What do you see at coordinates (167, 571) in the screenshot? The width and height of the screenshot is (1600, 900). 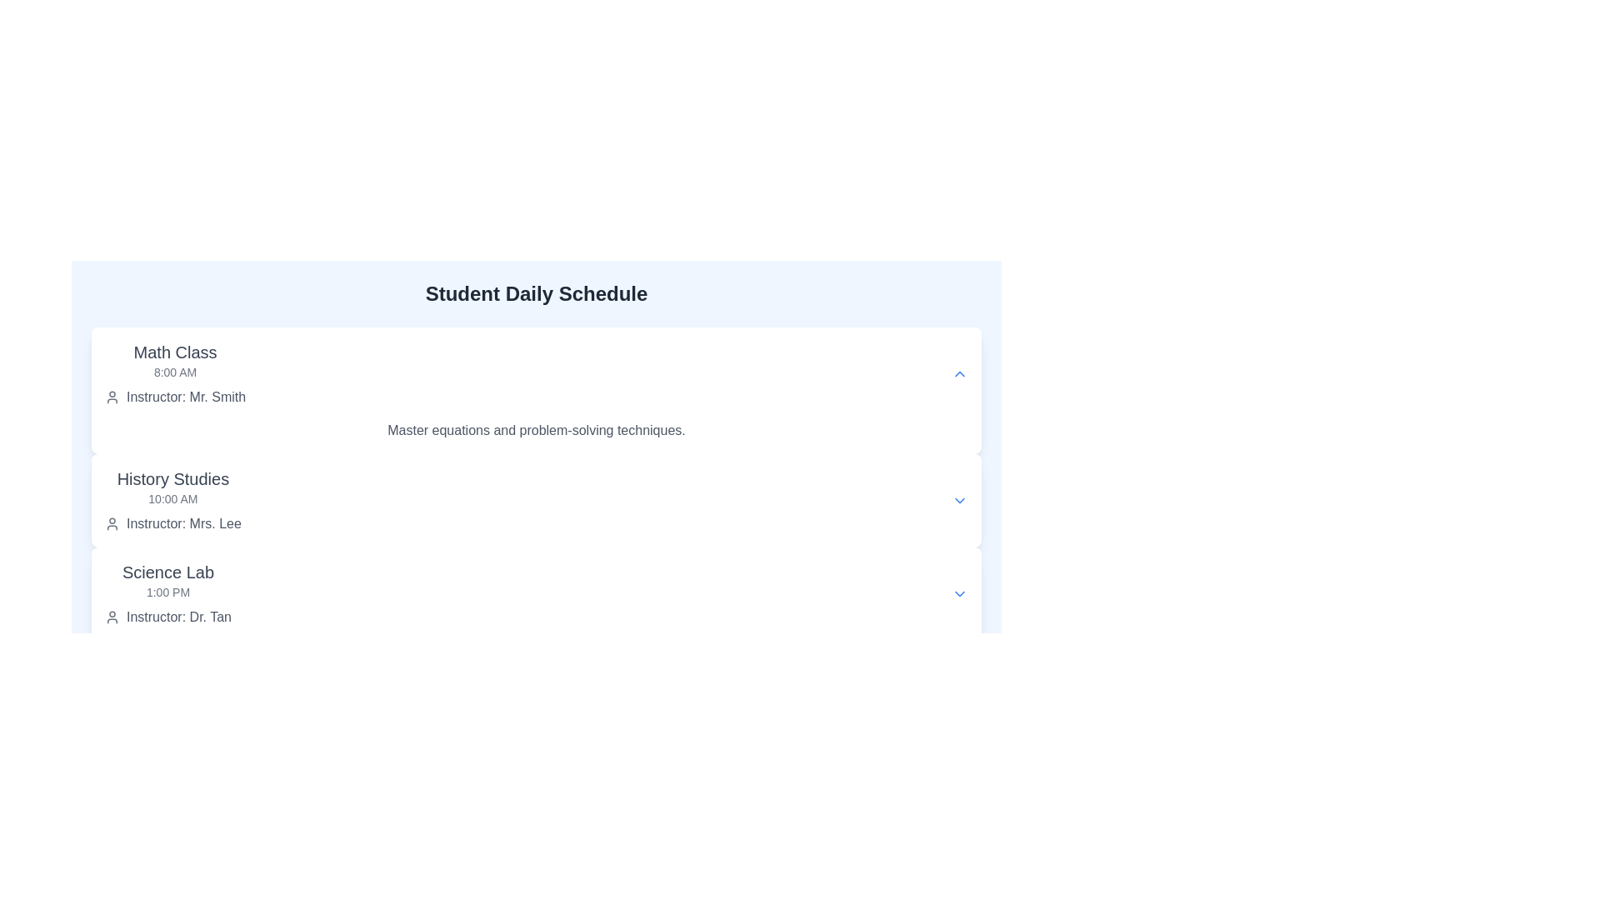 I see `text displayed in the title label of the scheduled activity or class within the 'Science Lab' timetable block, which is positioned above '1:00 PM' and 'Instructor: Dr. Tan'` at bounding box center [167, 571].